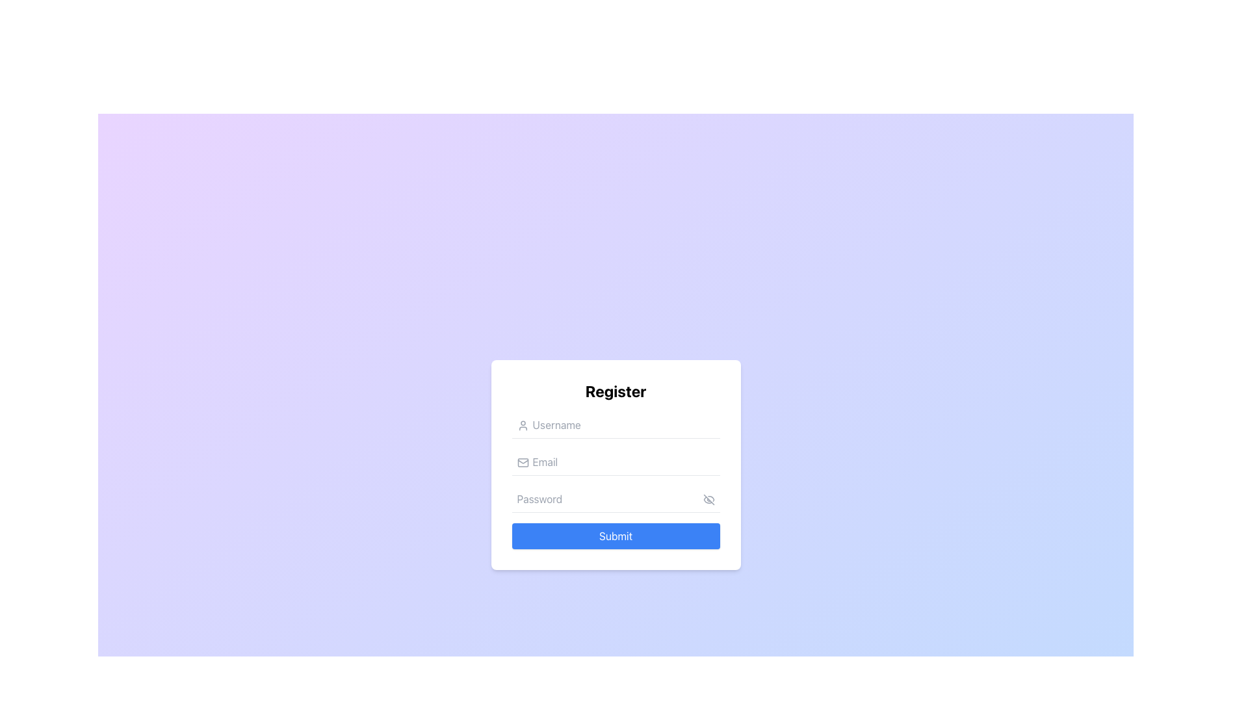  Describe the element at coordinates (523, 461) in the screenshot. I see `the email icon located to the left of the email input field in the form area` at that location.